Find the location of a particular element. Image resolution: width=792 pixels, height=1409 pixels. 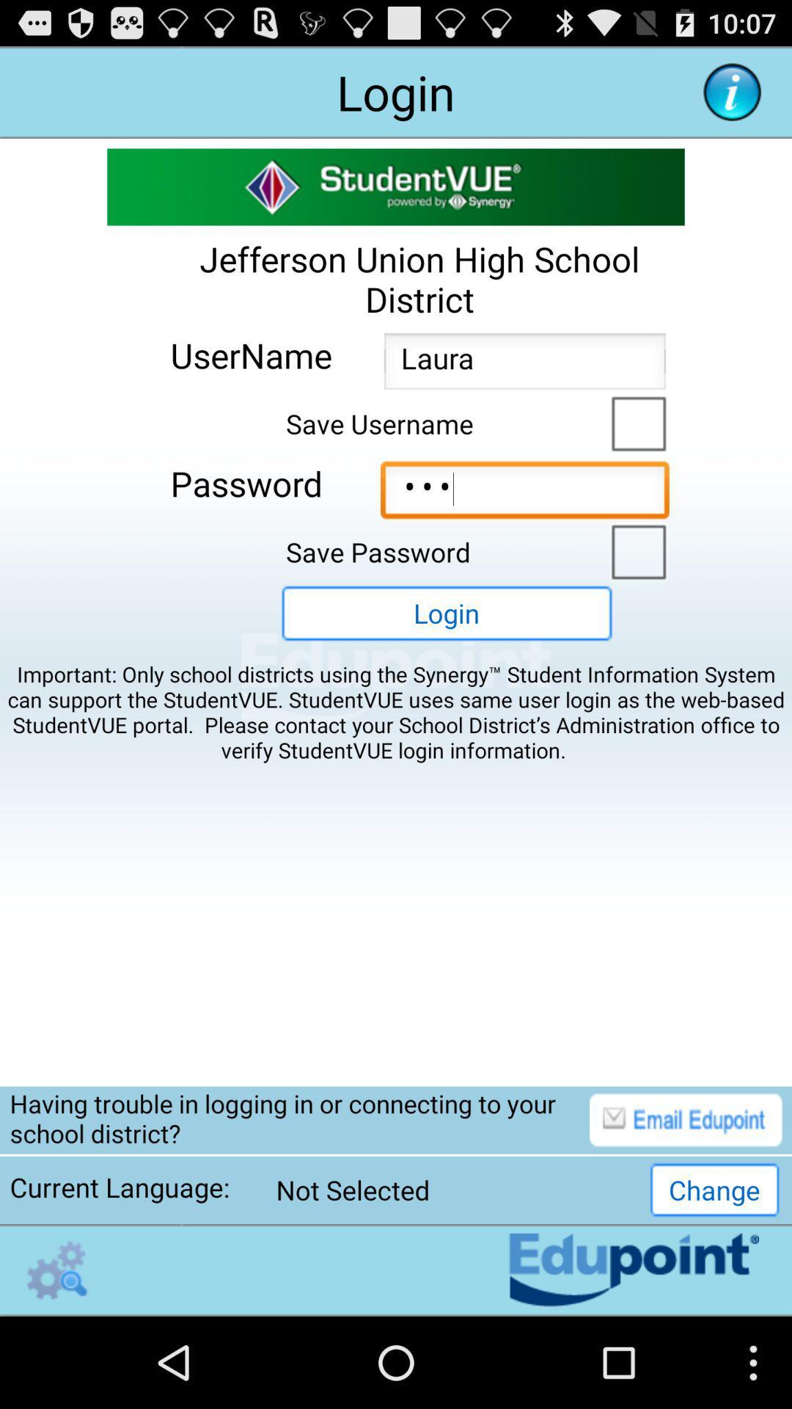

the info icon is located at coordinates (732, 98).